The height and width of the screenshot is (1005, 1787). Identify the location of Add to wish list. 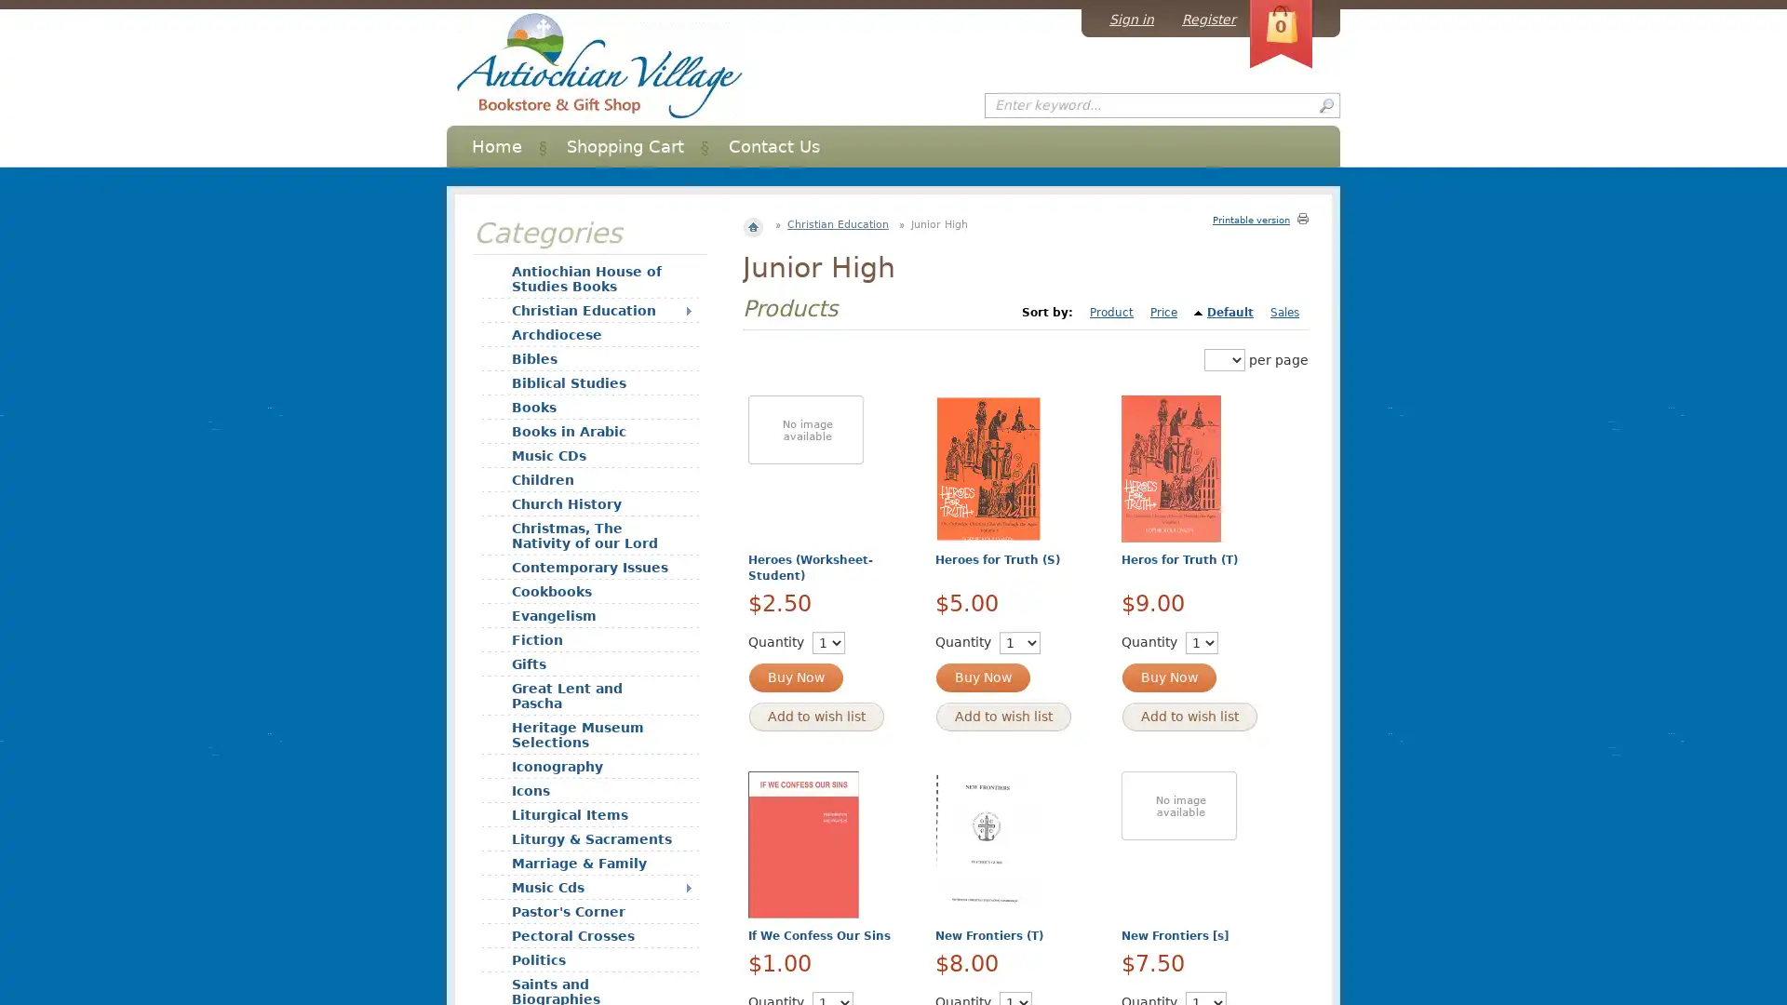
(1189, 716).